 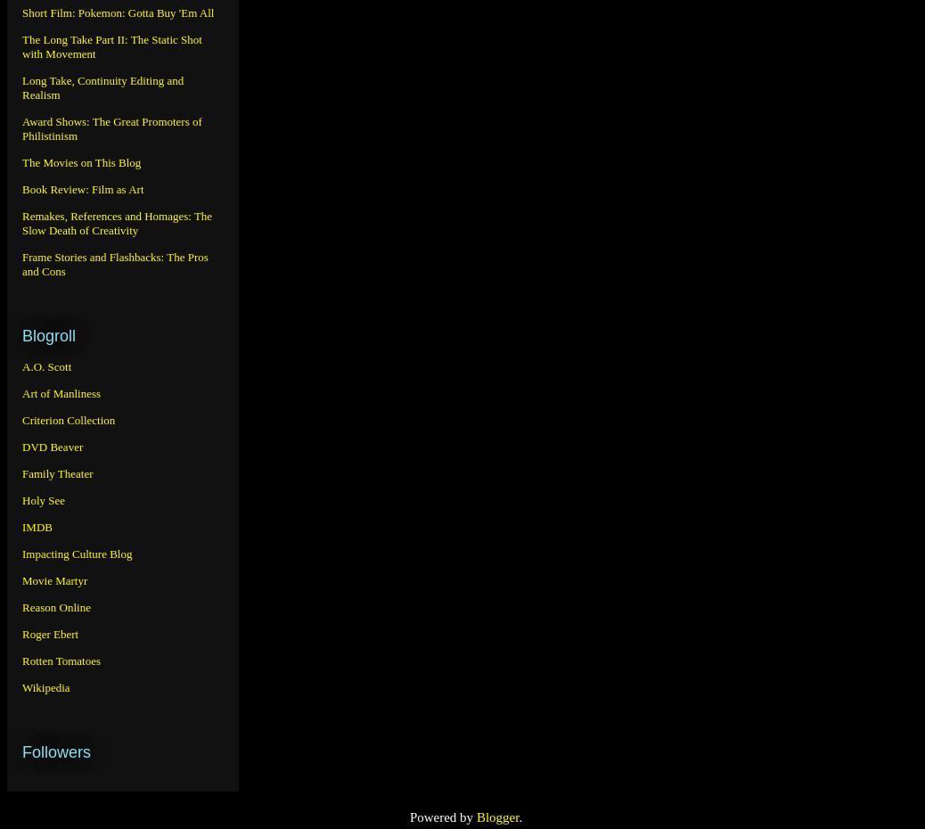 I want to click on 'Family Theater', so click(x=56, y=472).